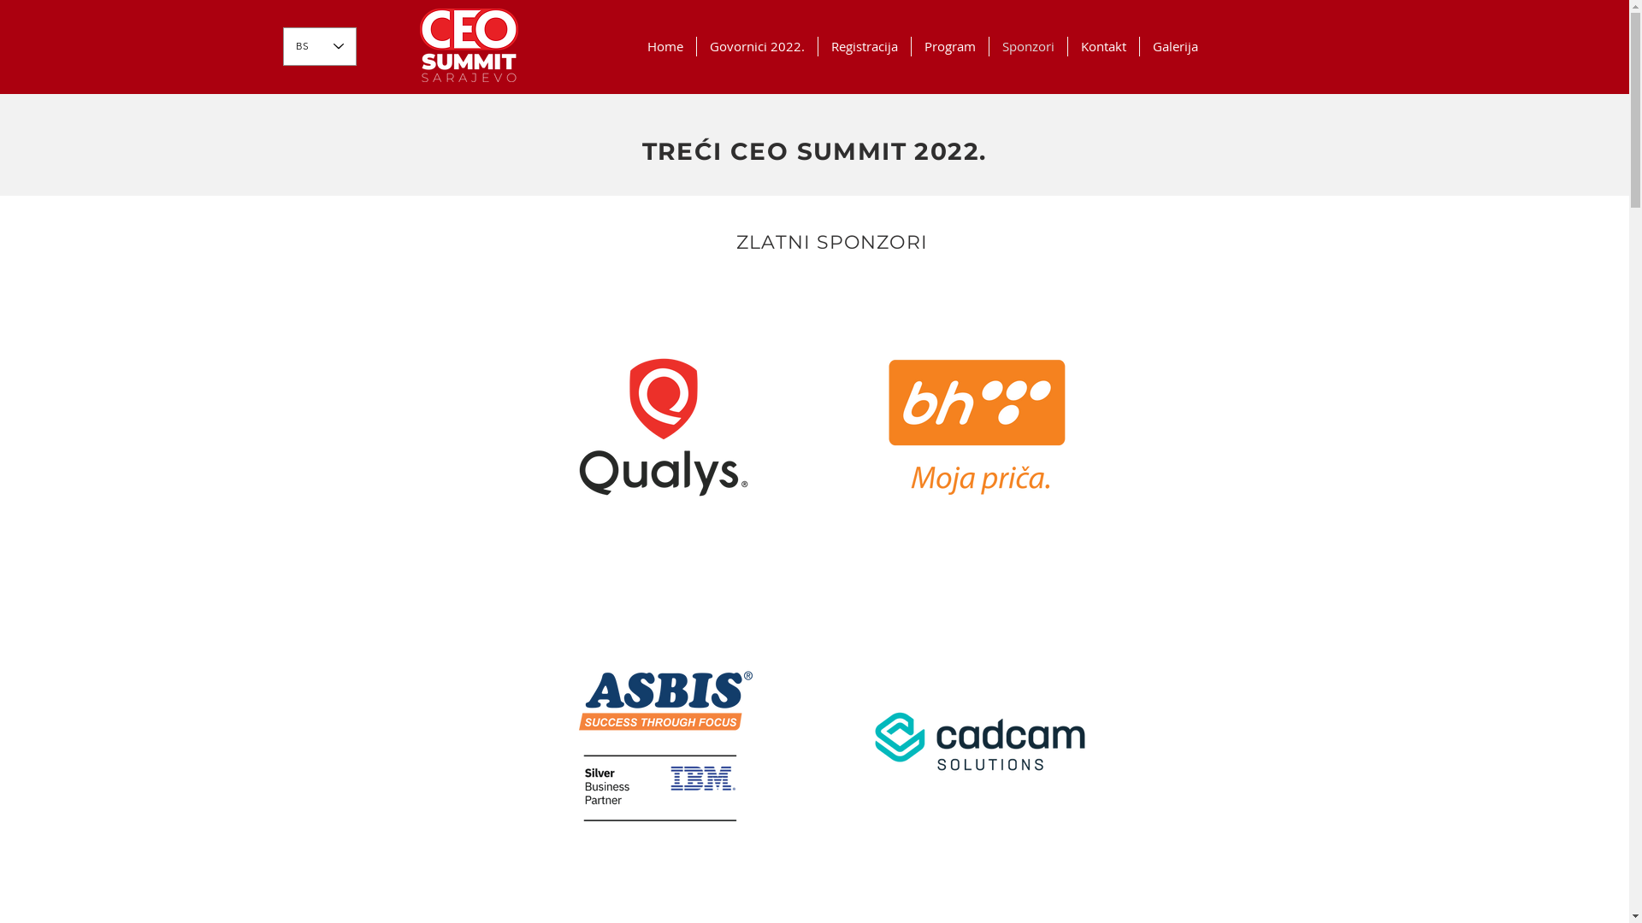 The height and width of the screenshot is (923, 1642). Describe the element at coordinates (910, 45) in the screenshot. I see `'Program'` at that location.